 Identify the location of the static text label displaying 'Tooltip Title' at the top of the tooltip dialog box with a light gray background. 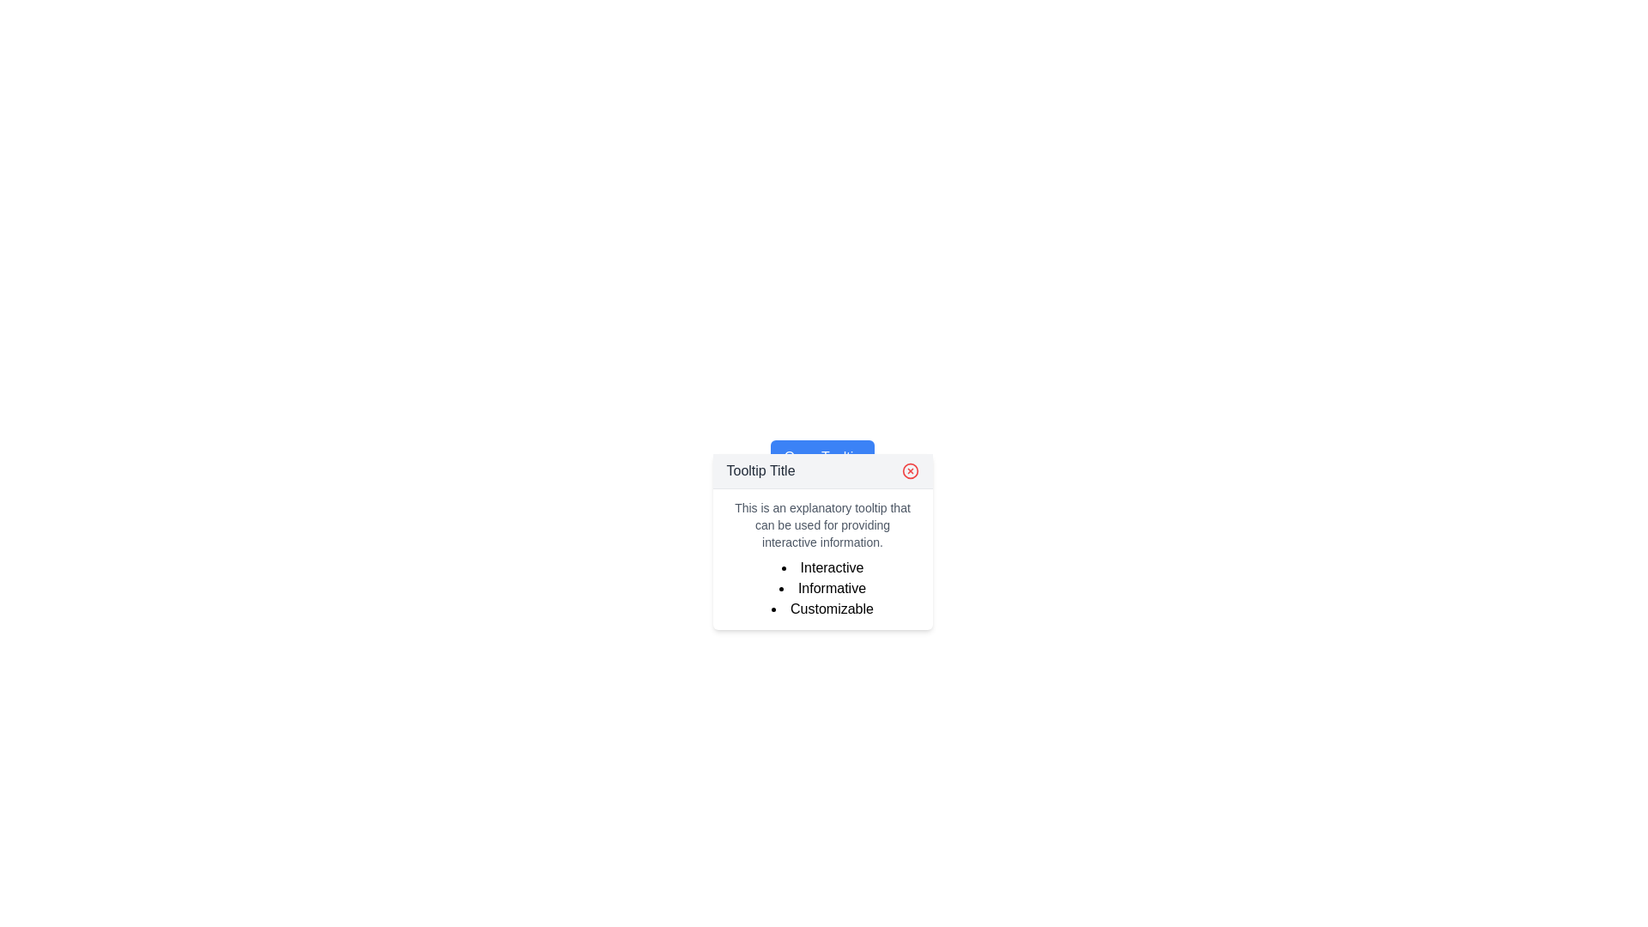
(760, 470).